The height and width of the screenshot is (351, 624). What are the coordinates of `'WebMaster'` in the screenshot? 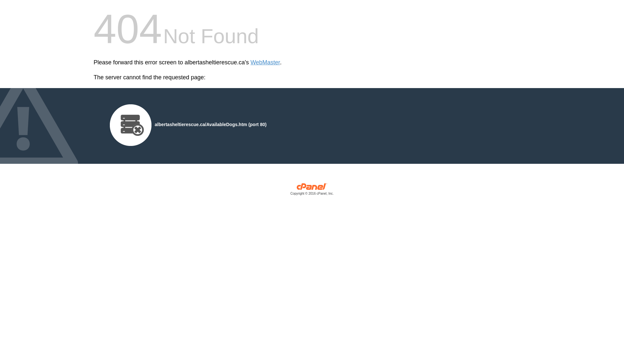 It's located at (265, 62).